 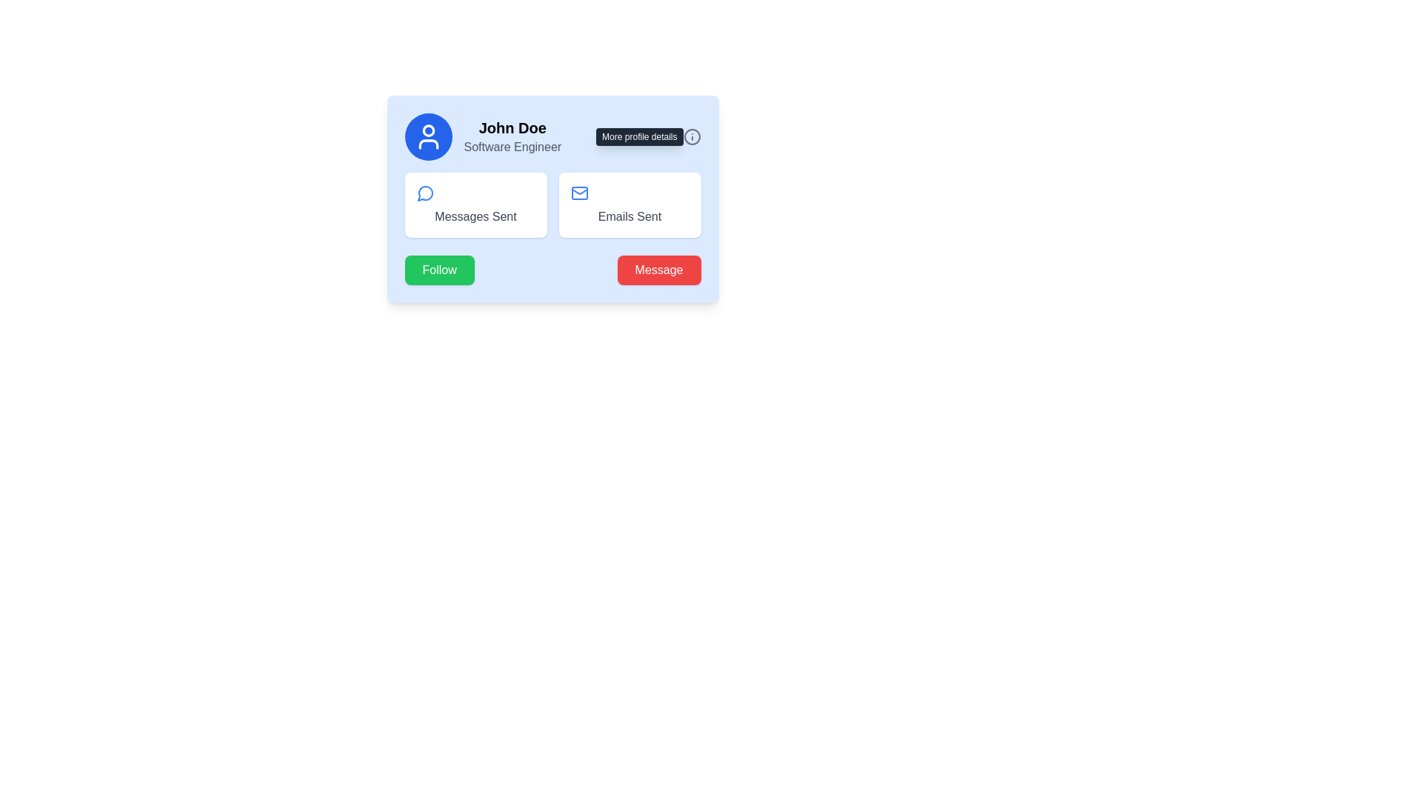 What do you see at coordinates (475, 217) in the screenshot?
I see `the 'Messages Sent' text label, which is styled in gray and located below the chat bubble icon within its white rounded card` at bounding box center [475, 217].